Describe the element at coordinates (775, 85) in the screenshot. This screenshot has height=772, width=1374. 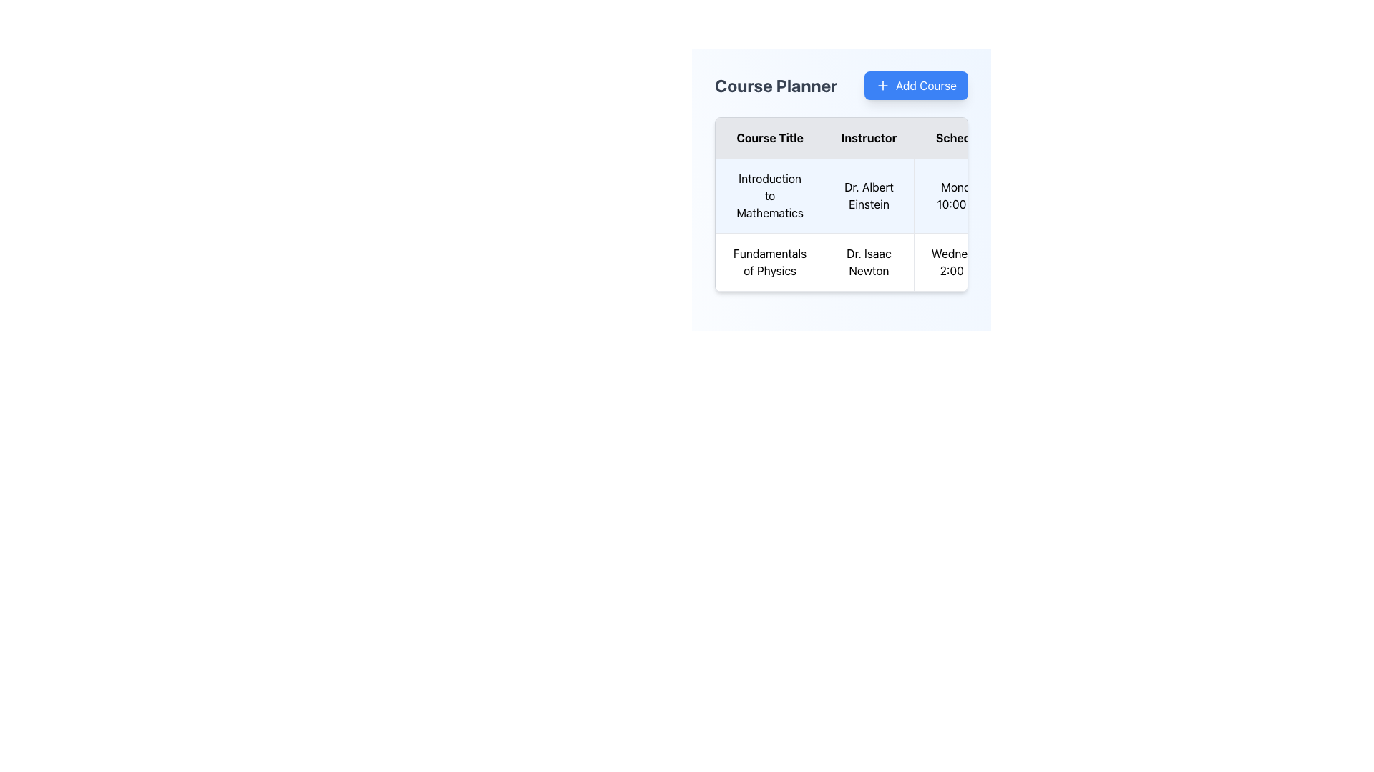
I see `the text label that serves as a heading or title, located immediately to the left of the 'Add Course' button in the upper-left section of the header` at that location.